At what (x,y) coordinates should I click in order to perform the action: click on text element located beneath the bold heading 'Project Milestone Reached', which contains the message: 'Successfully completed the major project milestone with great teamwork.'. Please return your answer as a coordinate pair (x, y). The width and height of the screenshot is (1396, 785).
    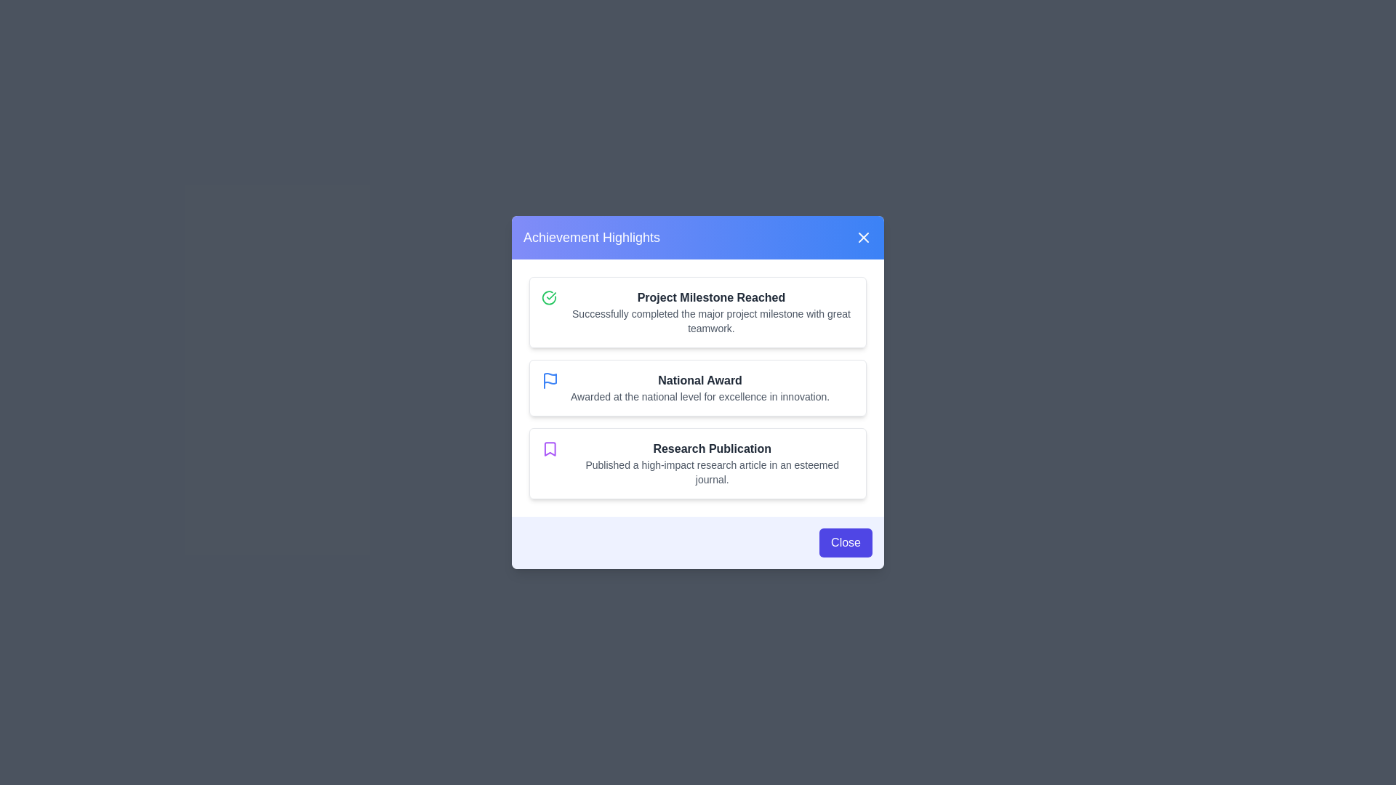
    Looking at the image, I should click on (711, 321).